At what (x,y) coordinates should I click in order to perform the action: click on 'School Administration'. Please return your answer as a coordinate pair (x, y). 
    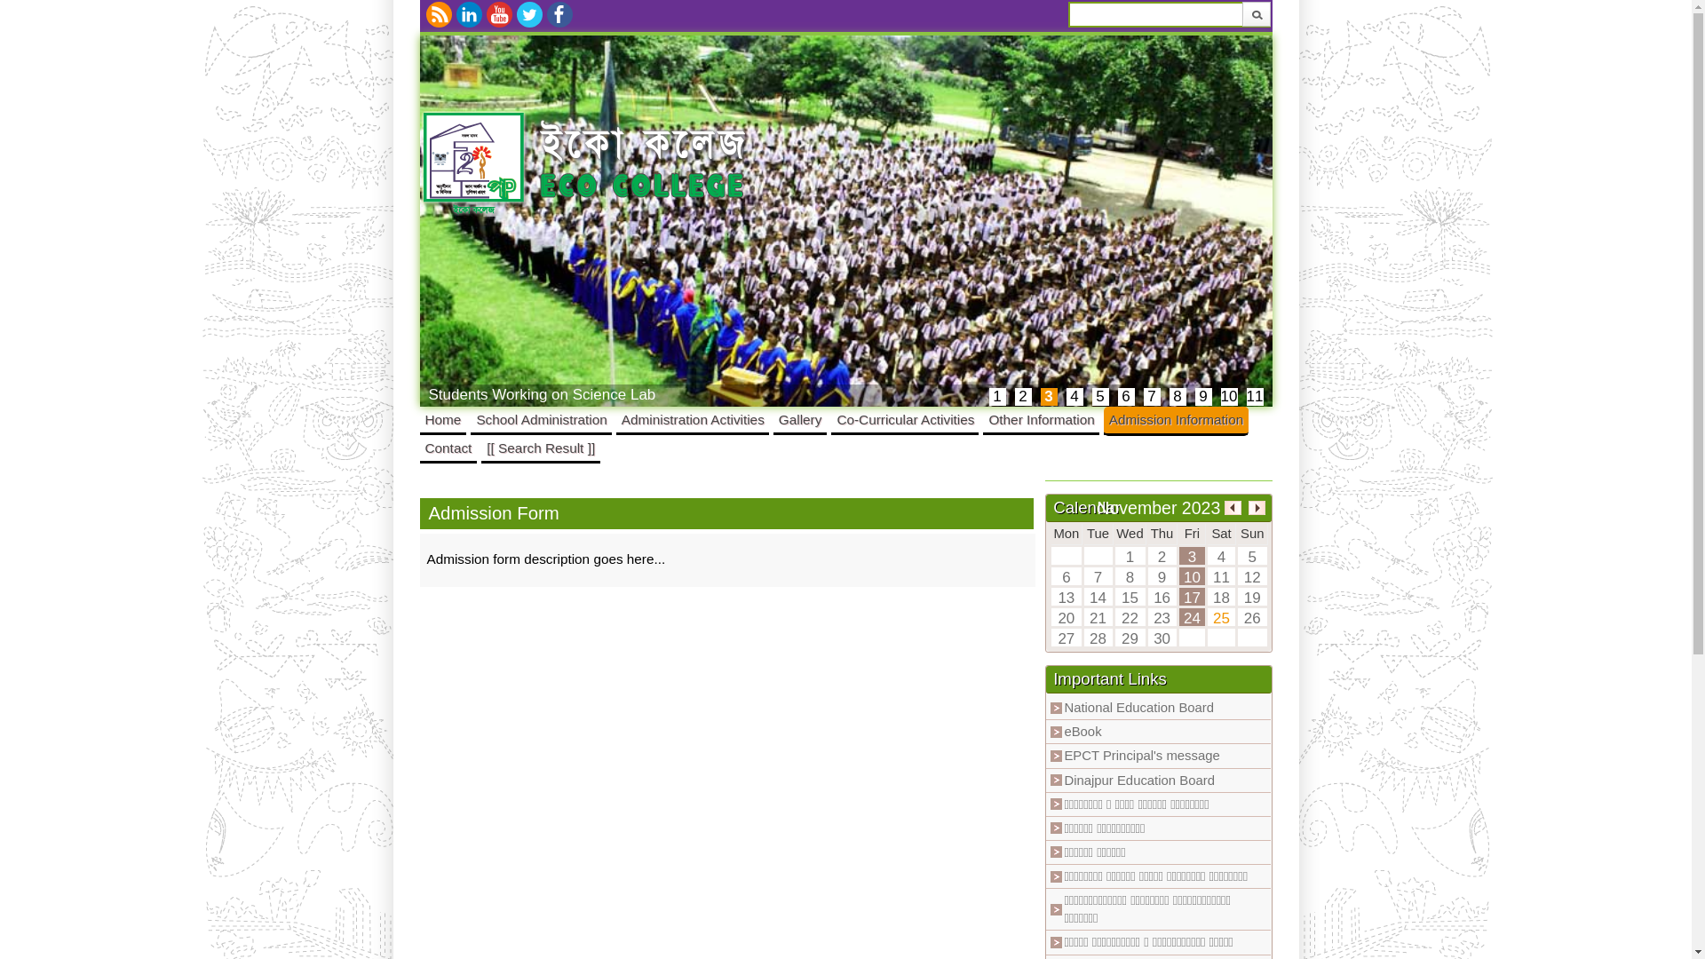
    Looking at the image, I should click on (540, 419).